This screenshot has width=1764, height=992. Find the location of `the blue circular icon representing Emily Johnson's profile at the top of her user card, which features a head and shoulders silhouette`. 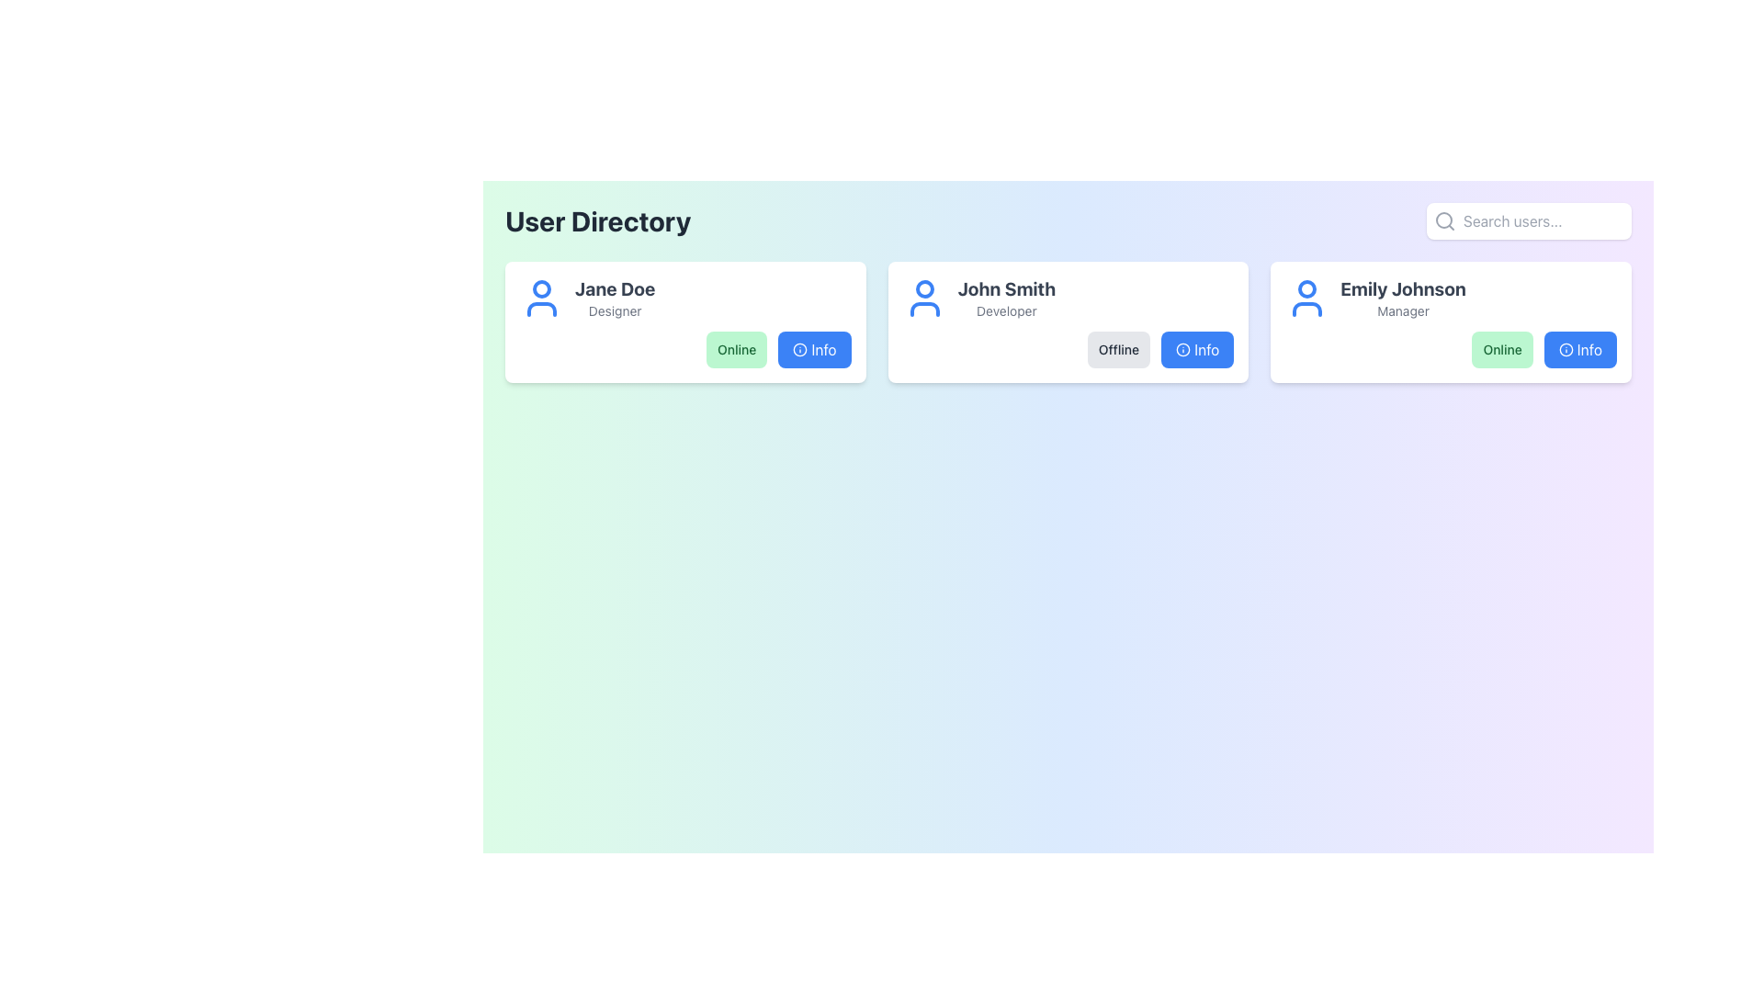

the blue circular icon representing Emily Johnson's profile at the top of her user card, which features a head and shoulders silhouette is located at coordinates (1306, 289).